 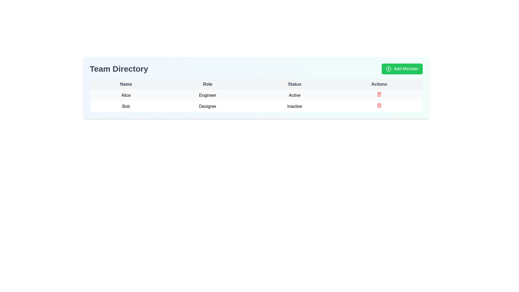 I want to click on the second column header in the 'Team Directory' table, which indicates the roles of the team members, positioned between the 'Name' and 'Status' headers, so click(x=207, y=84).